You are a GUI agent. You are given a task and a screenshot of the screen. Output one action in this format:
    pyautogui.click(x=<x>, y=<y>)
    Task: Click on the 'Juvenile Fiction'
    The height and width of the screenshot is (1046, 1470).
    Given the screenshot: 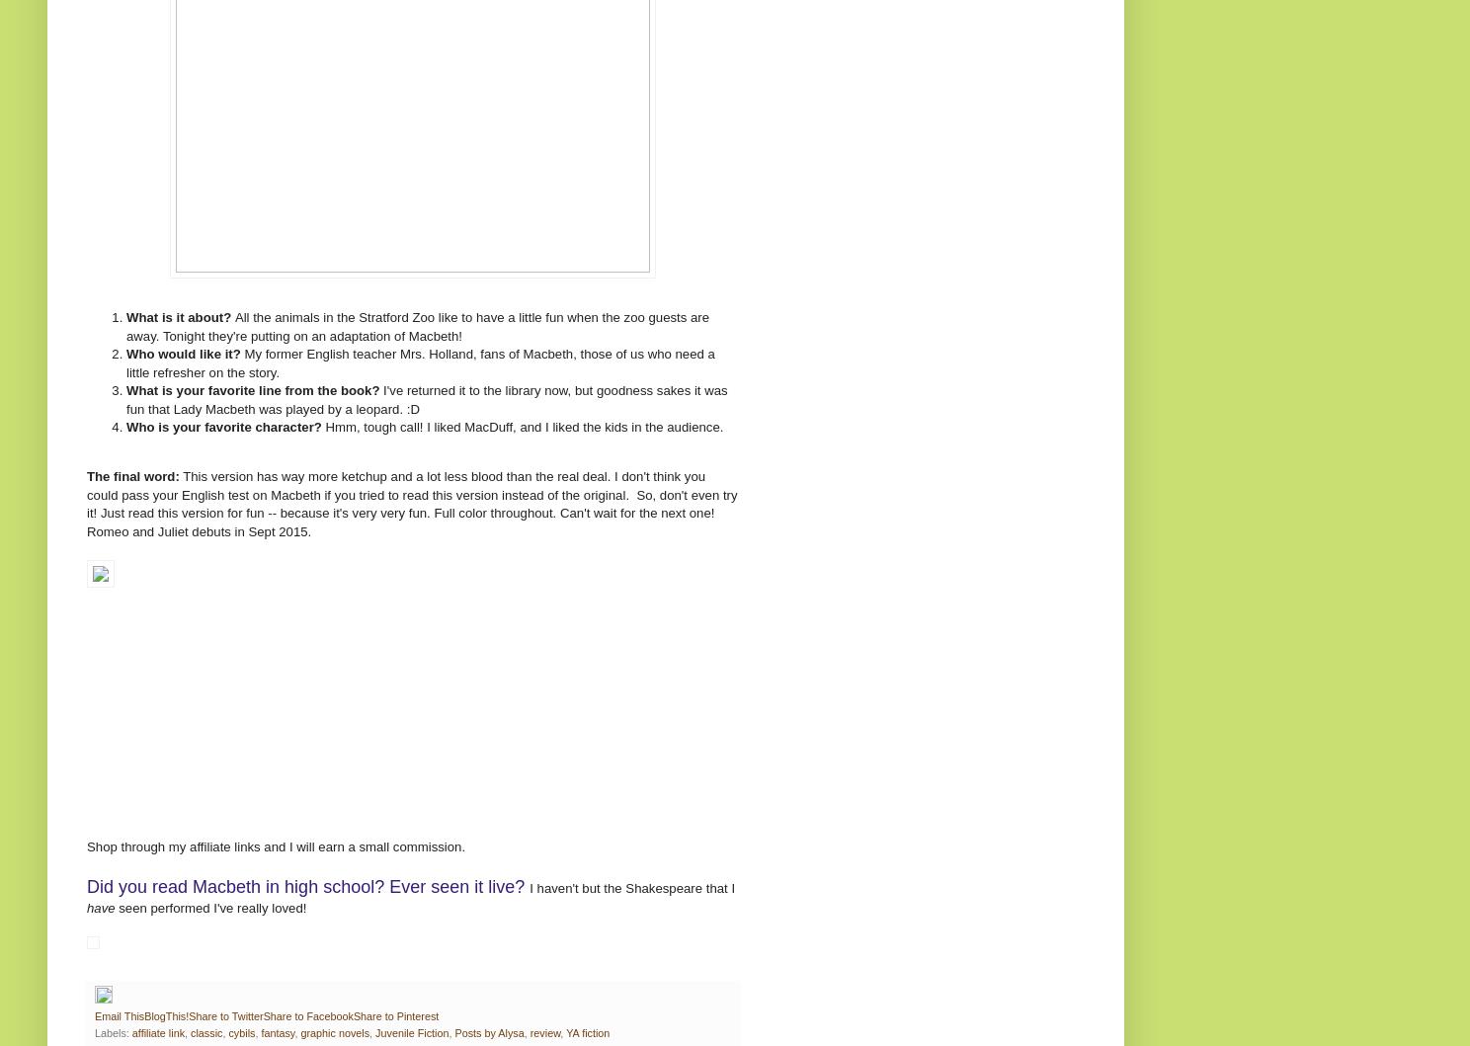 What is the action you would take?
    pyautogui.click(x=374, y=1031)
    